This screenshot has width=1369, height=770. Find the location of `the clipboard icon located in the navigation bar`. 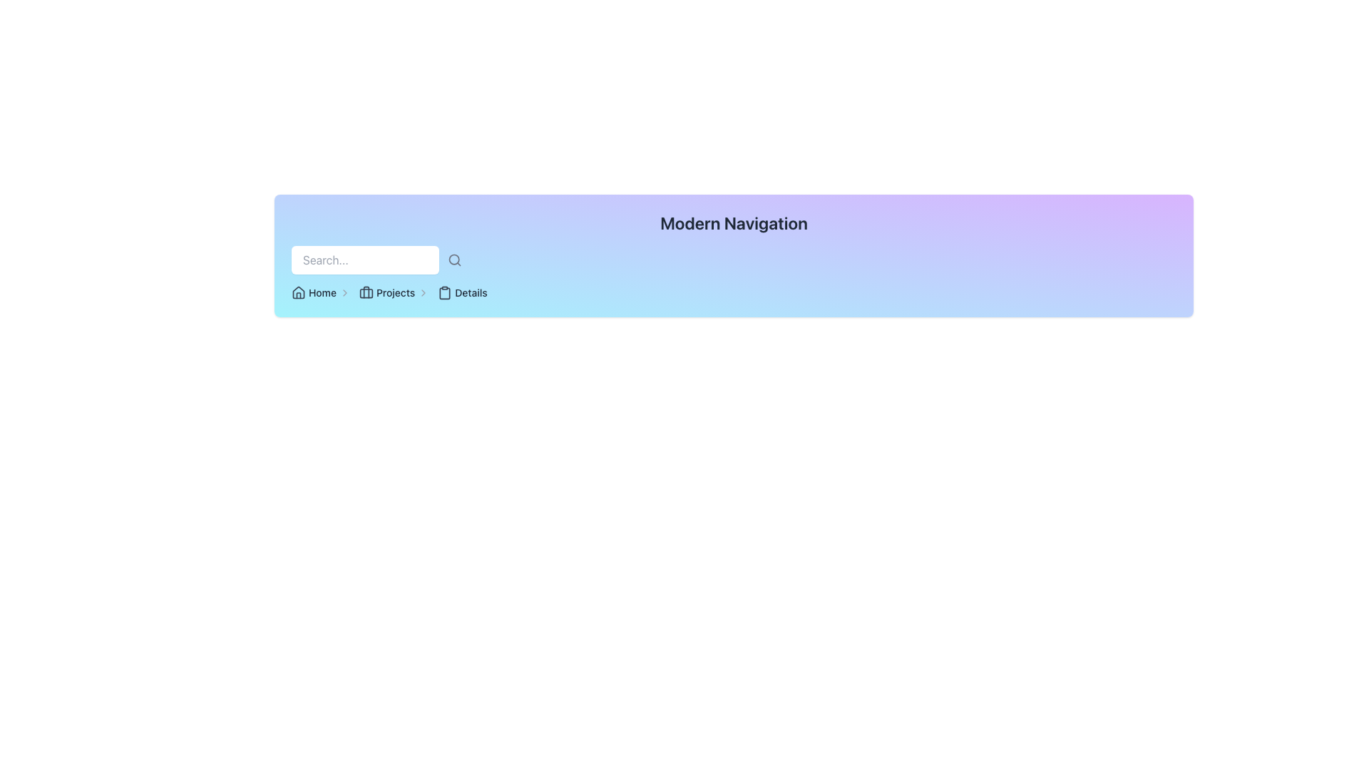

the clipboard icon located in the navigation bar is located at coordinates (444, 292).